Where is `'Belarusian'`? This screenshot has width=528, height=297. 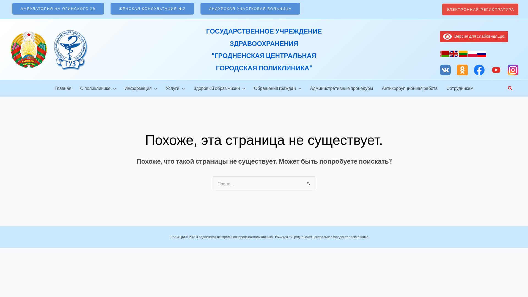 'Belarusian' is located at coordinates (439, 53).